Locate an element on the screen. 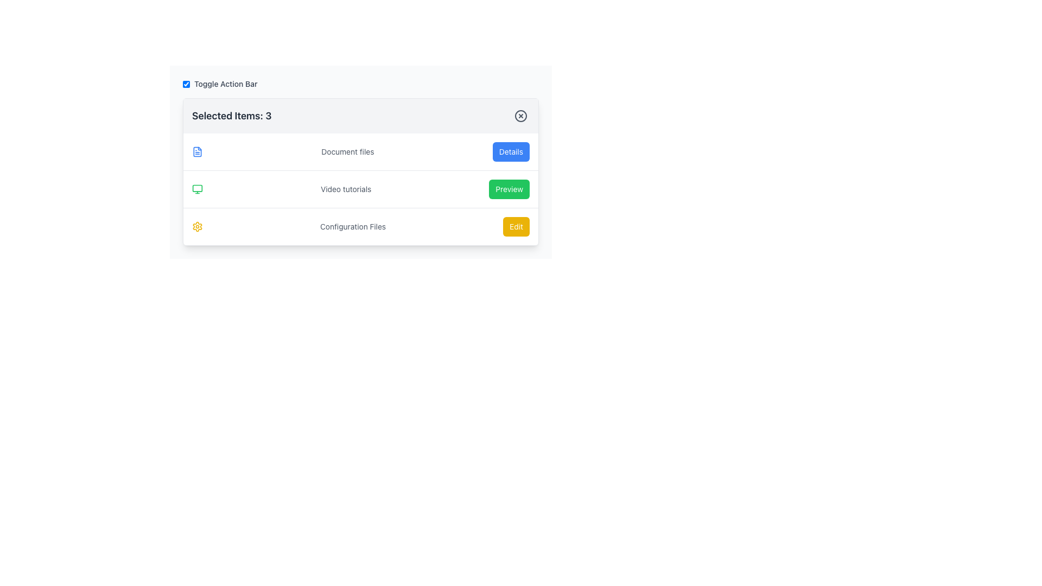 This screenshot has height=586, width=1042. the actionable button located to the right of the text 'Document files' is located at coordinates (510, 152).